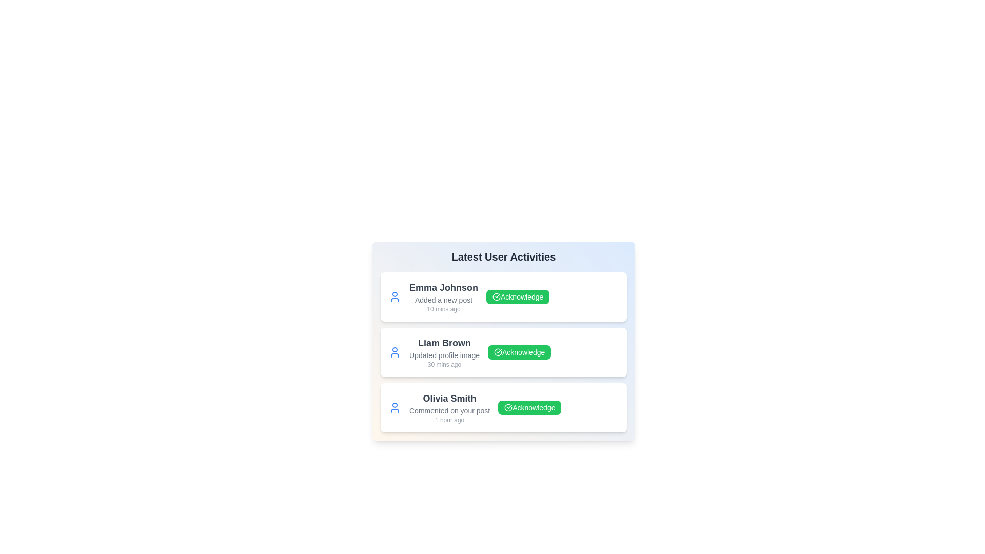  What do you see at coordinates (394, 351) in the screenshot?
I see `the profile icon of Liam Brown` at bounding box center [394, 351].